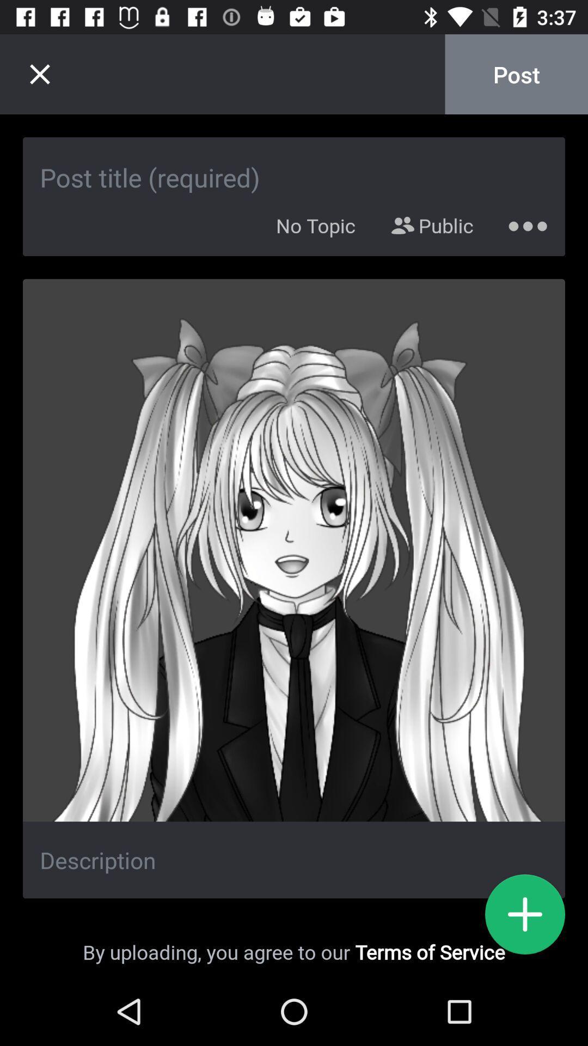 Image resolution: width=588 pixels, height=1046 pixels. I want to click on close, so click(39, 74).